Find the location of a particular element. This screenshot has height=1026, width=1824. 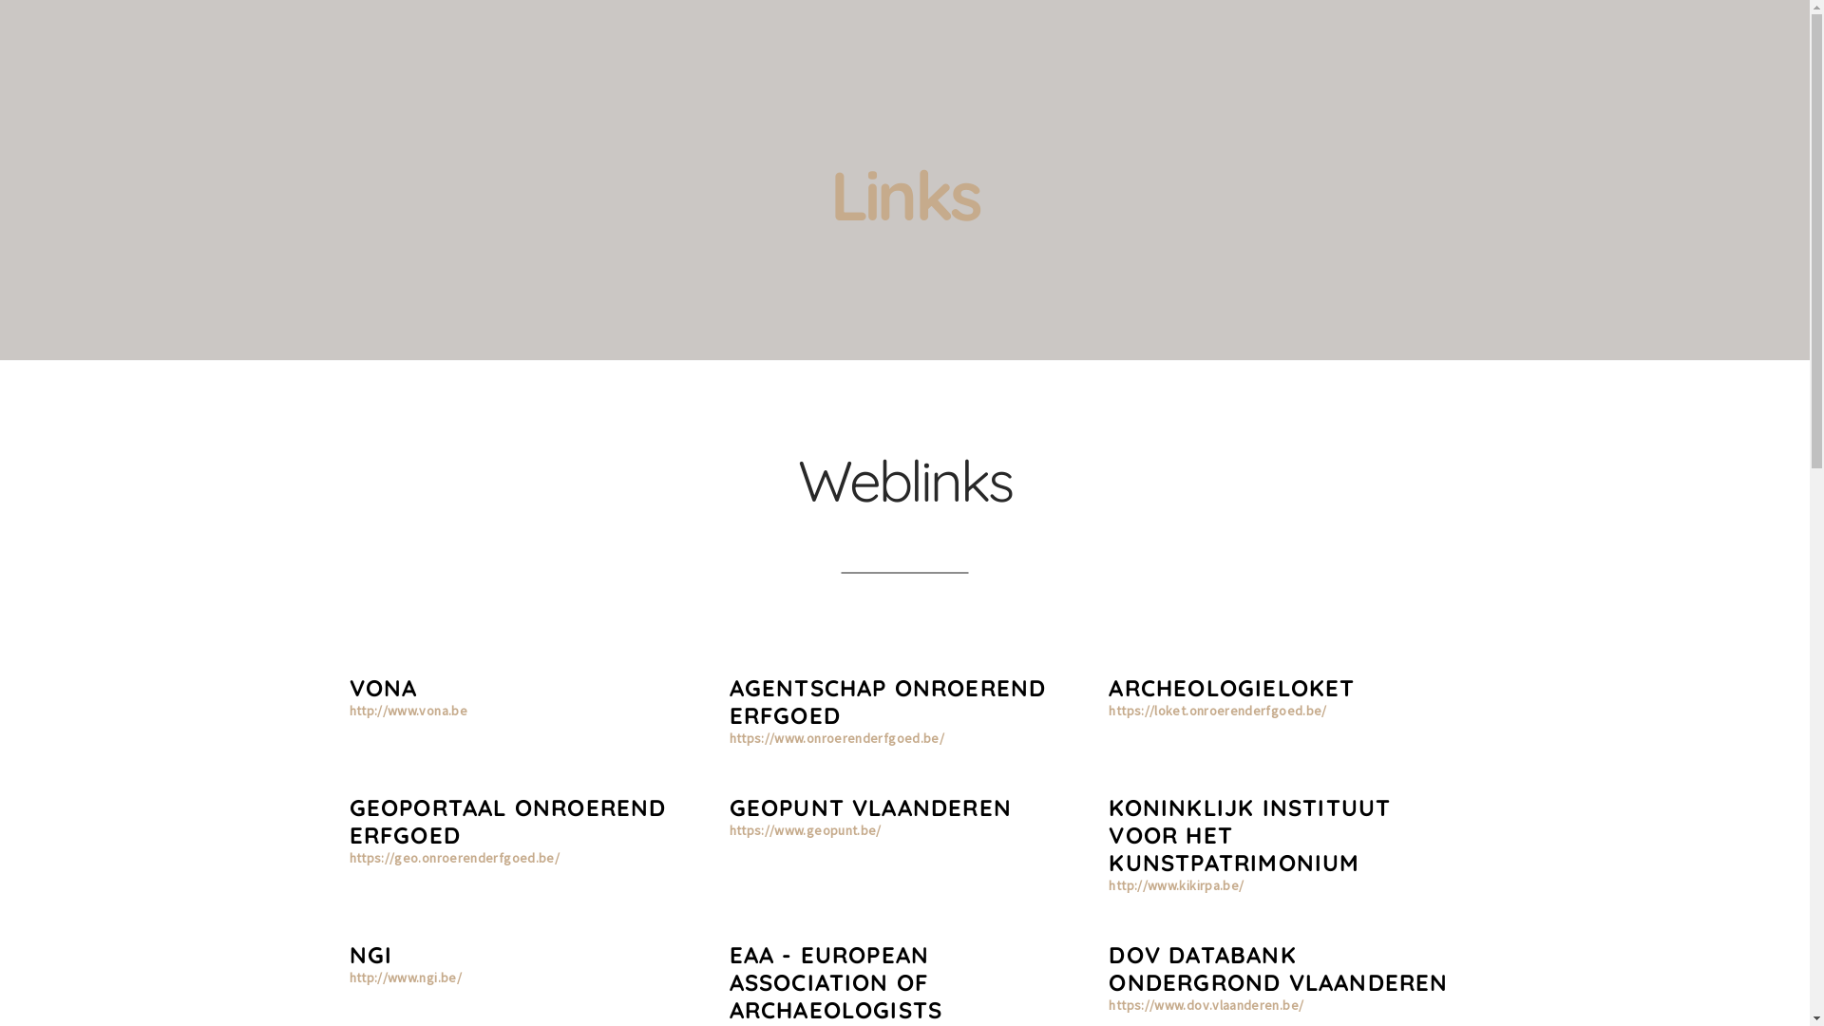

'GEOPORTAAL ONROEREND ERFGOED' is located at coordinates (507, 820).